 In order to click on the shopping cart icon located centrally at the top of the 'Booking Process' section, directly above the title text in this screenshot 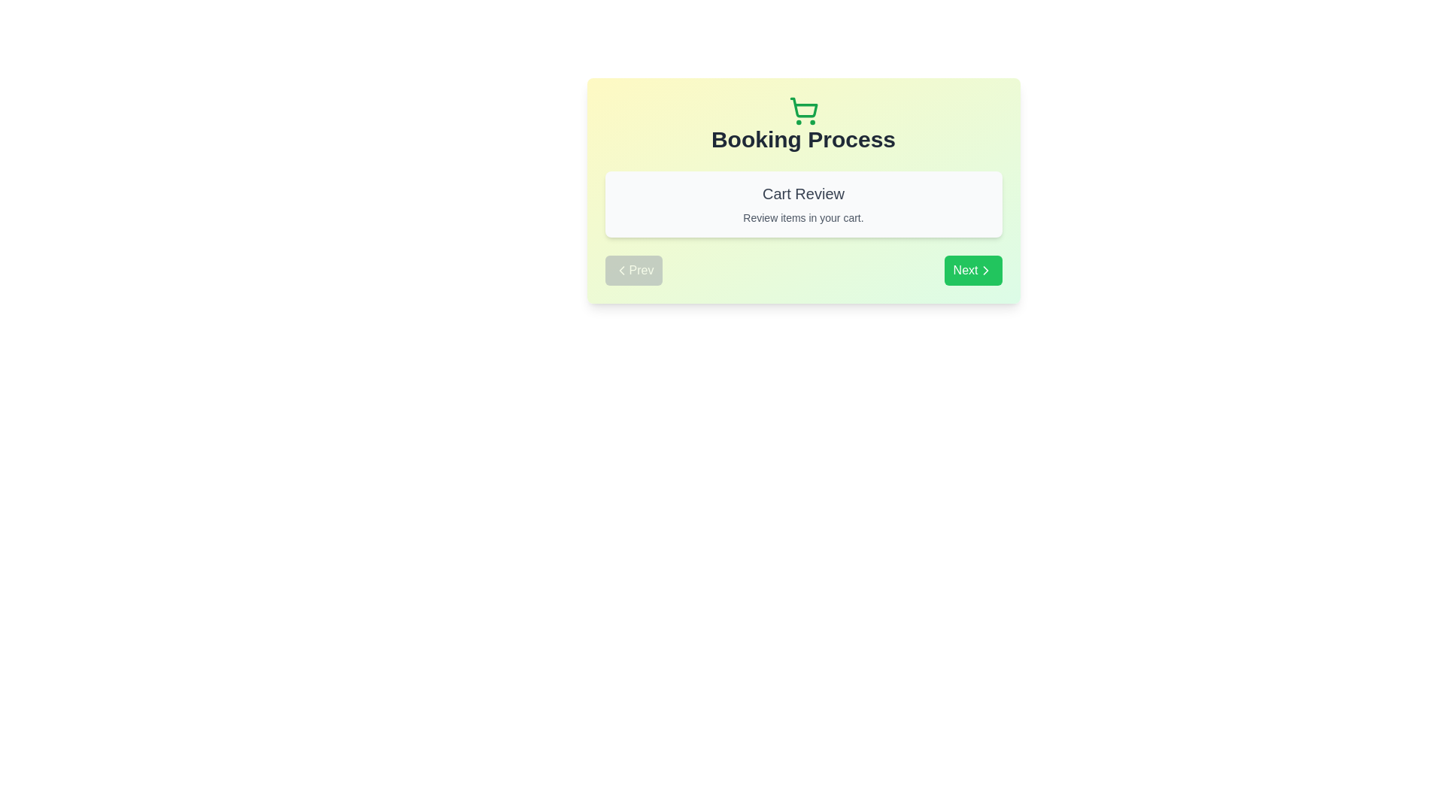, I will do `click(802, 110)`.